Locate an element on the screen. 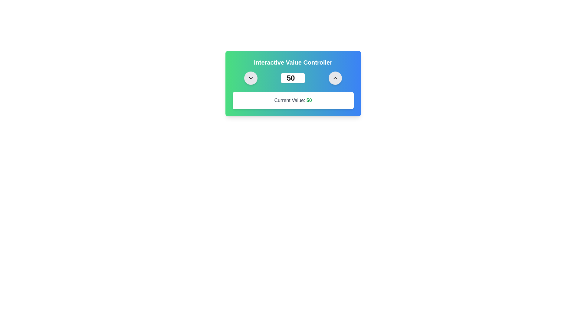  the centered text label reading 'Interactive Value Controller' that is bold and large on a gradient background is located at coordinates (293, 62).